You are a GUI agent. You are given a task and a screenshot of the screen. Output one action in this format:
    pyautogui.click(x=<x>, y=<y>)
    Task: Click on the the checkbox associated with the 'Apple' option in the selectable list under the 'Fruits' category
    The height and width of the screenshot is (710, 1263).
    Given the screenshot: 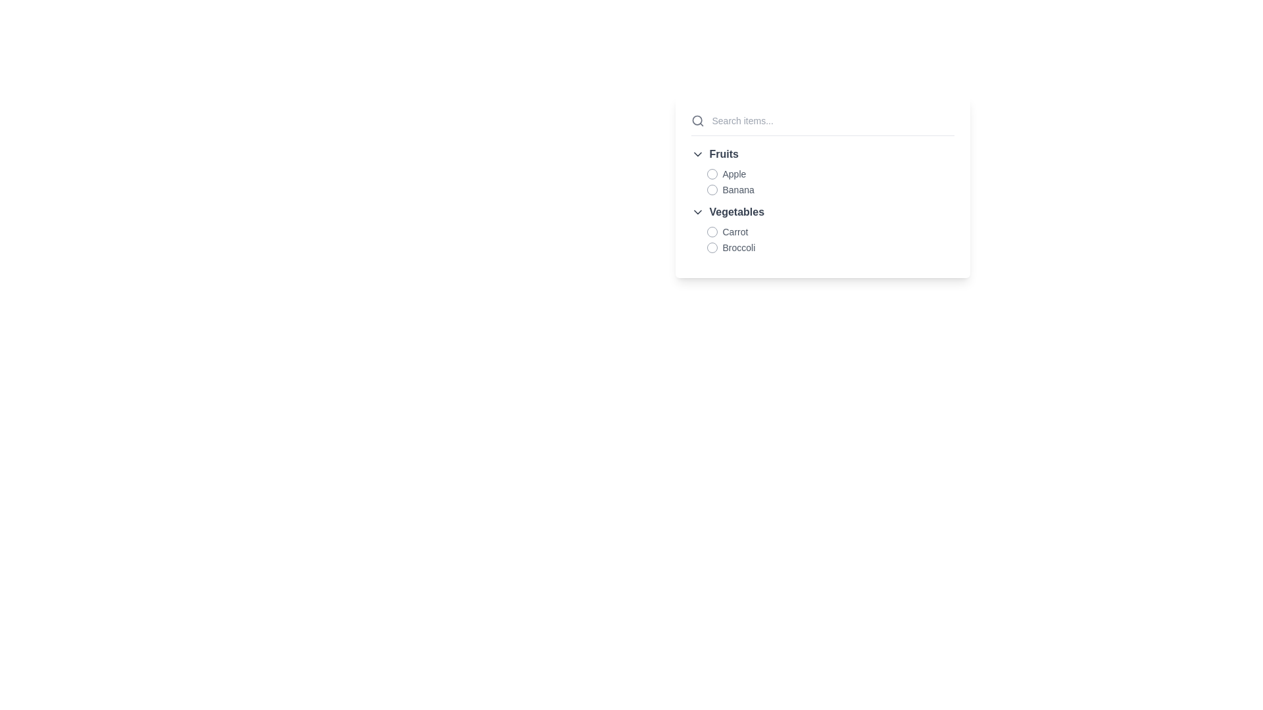 What is the action you would take?
    pyautogui.click(x=830, y=174)
    